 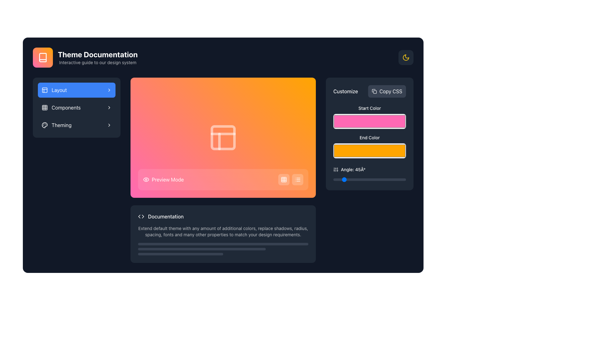 I want to click on the slider value, so click(x=384, y=180).